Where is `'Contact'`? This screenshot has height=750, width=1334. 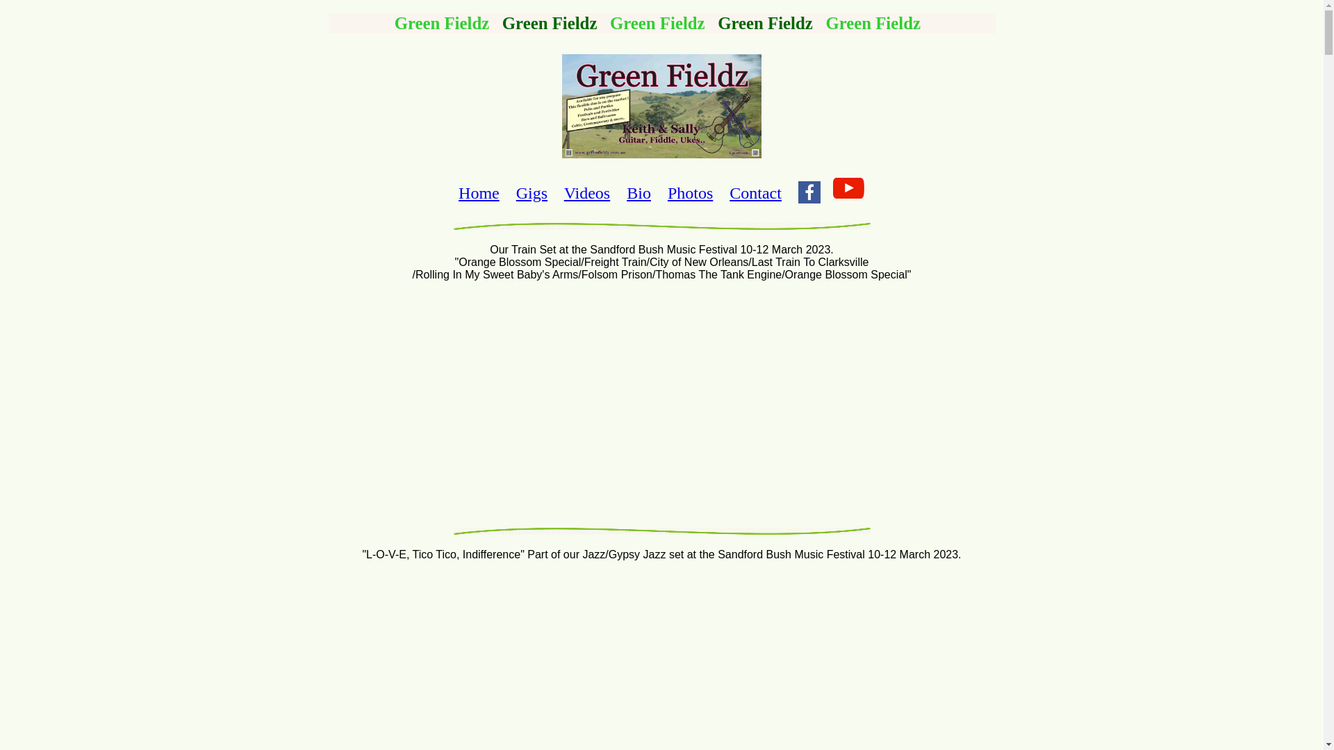
'Contact' is located at coordinates (755, 192).